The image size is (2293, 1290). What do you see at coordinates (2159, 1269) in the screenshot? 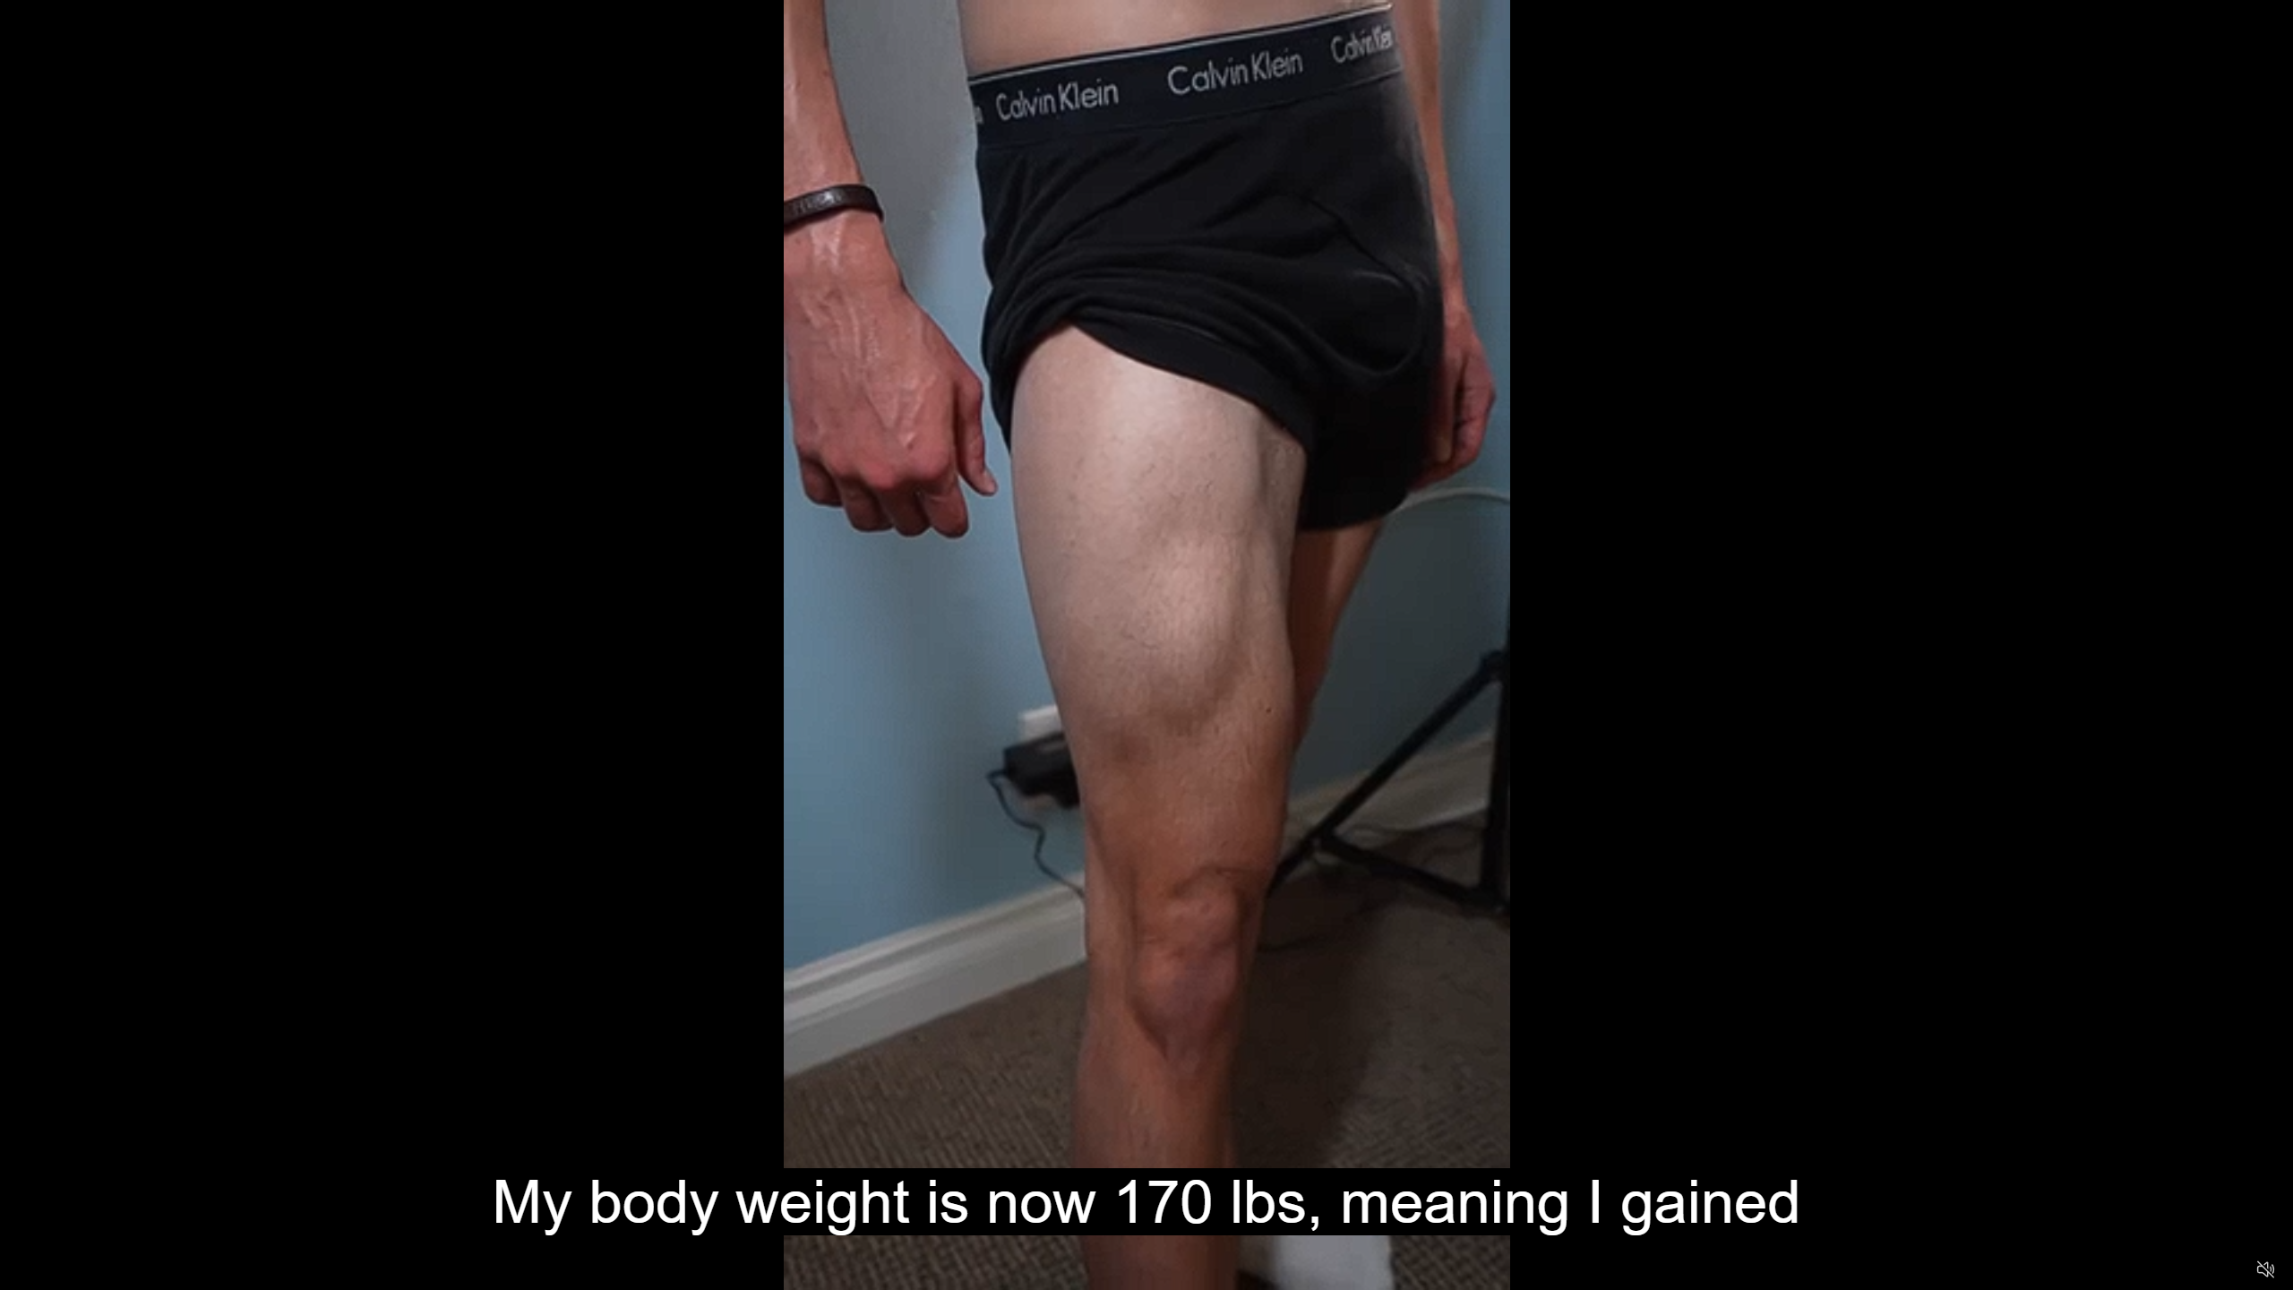
I see `'Quality Settings'` at bounding box center [2159, 1269].